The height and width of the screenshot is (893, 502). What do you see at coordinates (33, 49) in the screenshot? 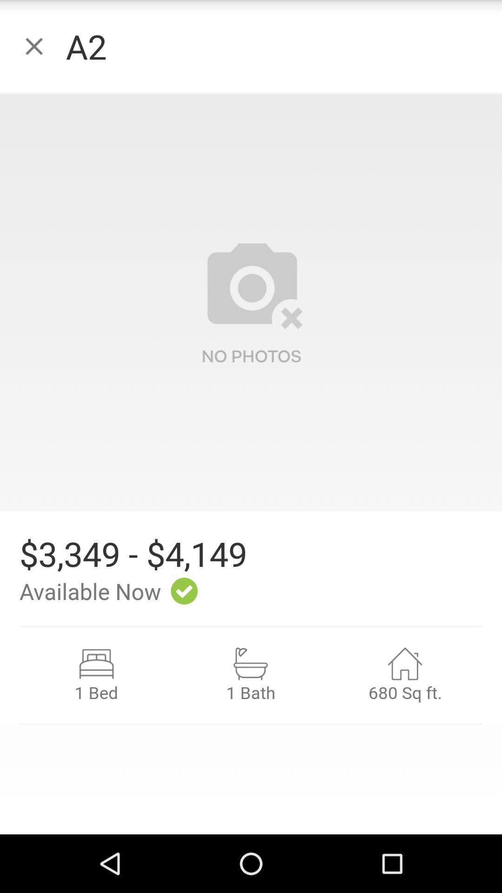
I see `the close icon` at bounding box center [33, 49].